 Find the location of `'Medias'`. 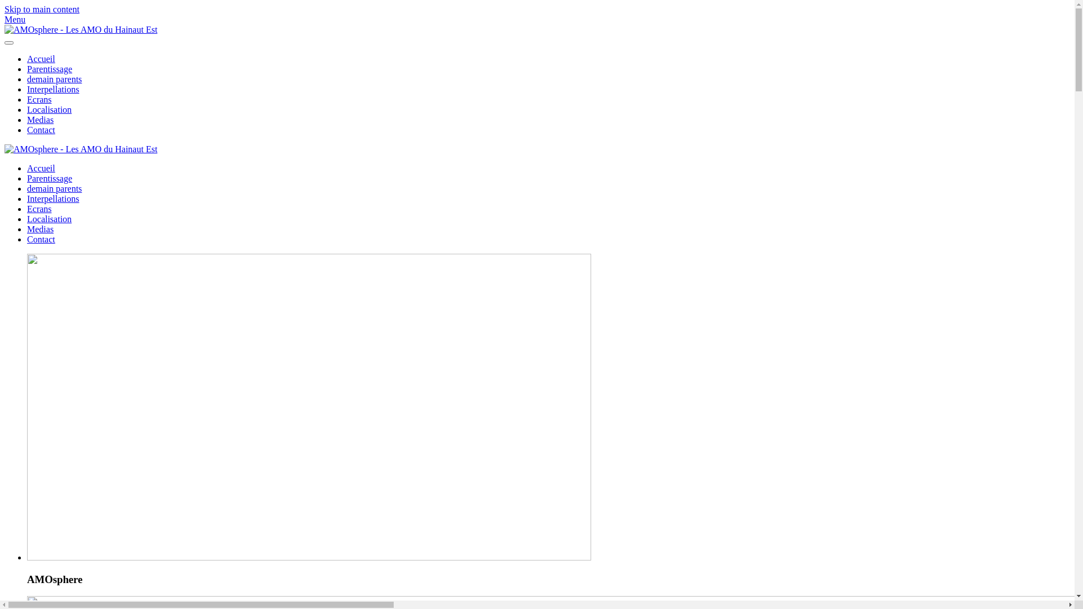

'Medias' is located at coordinates (40, 120).